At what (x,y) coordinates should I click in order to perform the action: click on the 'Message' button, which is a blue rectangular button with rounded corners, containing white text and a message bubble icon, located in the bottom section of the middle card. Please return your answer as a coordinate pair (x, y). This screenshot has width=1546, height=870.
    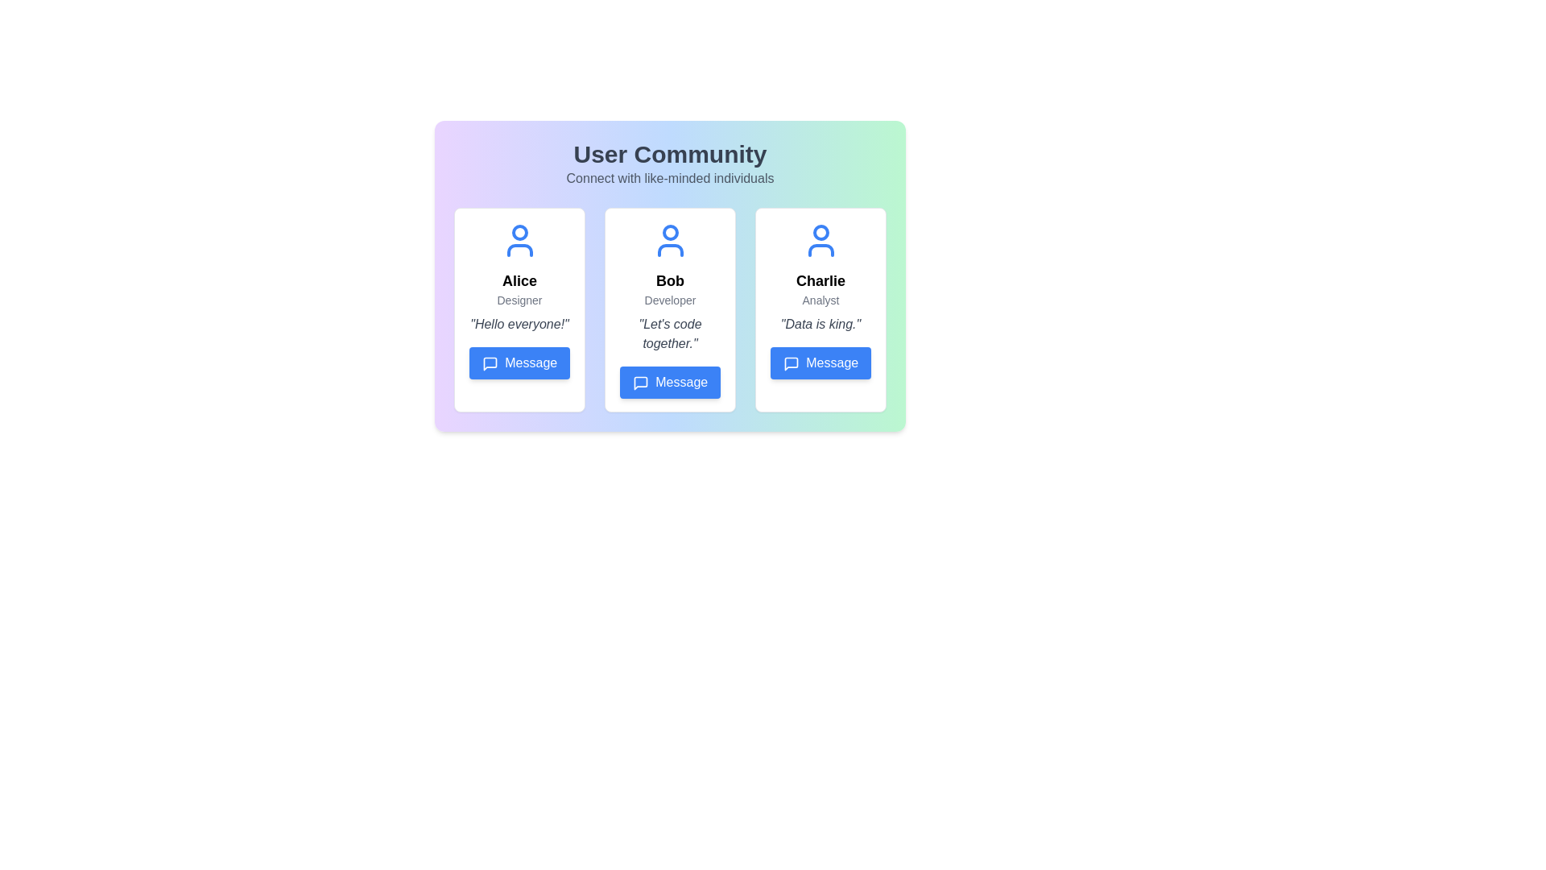
    Looking at the image, I should click on (670, 382).